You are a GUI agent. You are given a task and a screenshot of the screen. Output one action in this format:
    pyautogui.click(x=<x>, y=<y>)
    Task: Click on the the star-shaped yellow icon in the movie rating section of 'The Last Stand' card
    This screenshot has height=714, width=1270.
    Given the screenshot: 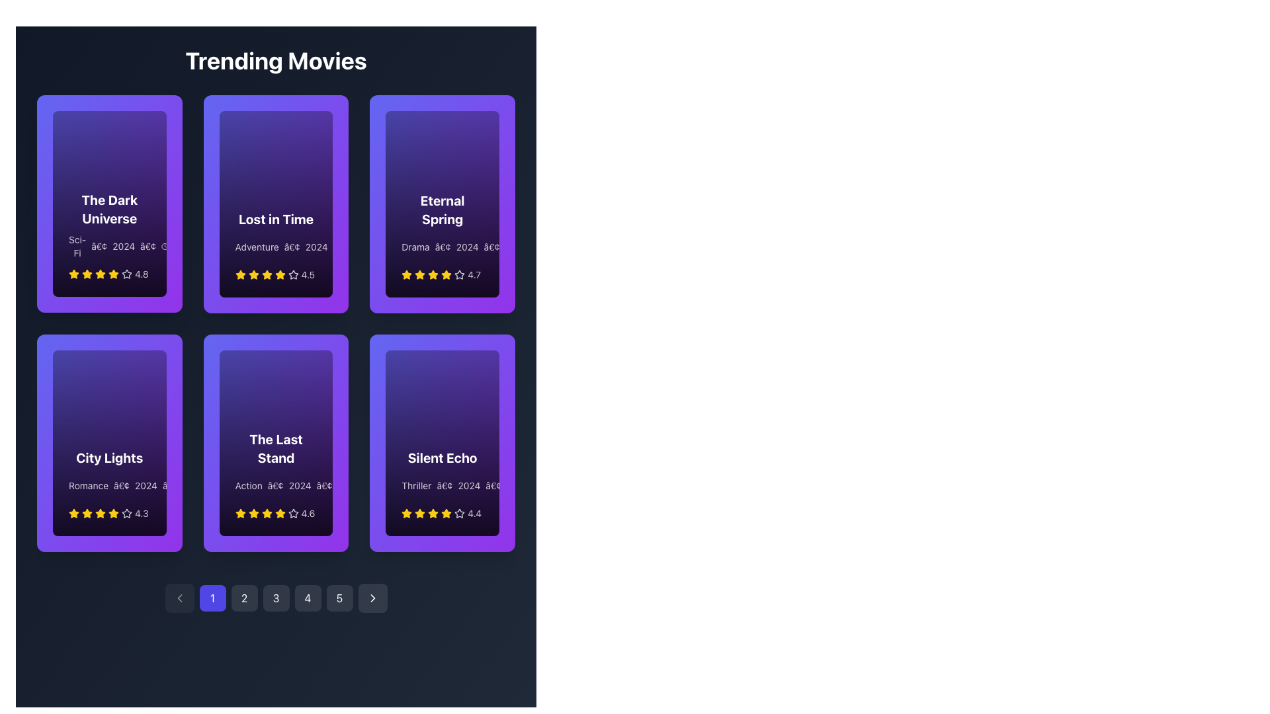 What is the action you would take?
    pyautogui.click(x=240, y=512)
    